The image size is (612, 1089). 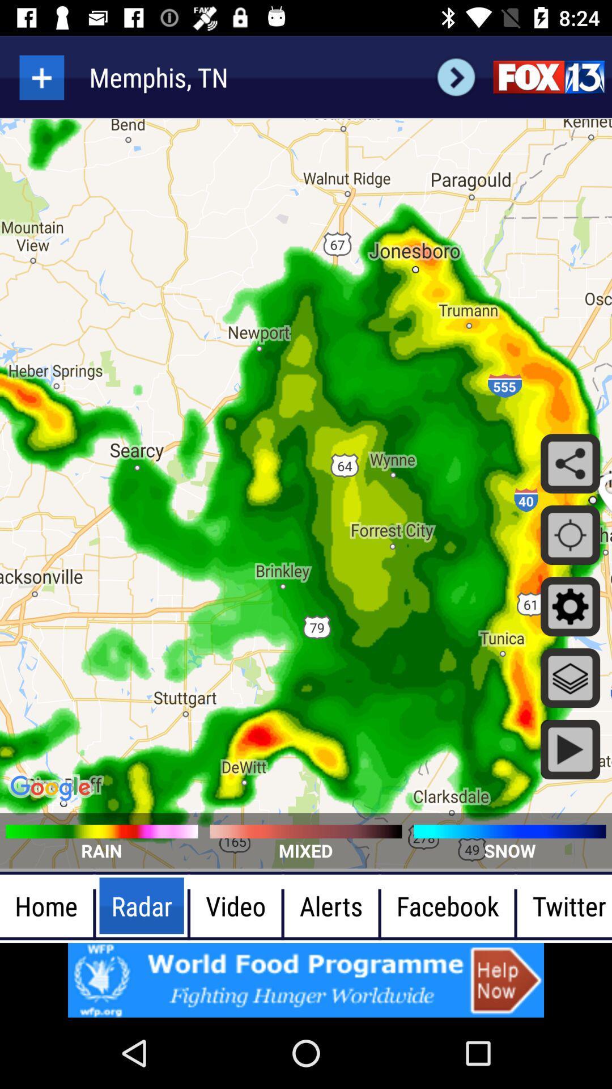 I want to click on expand, so click(x=41, y=77).